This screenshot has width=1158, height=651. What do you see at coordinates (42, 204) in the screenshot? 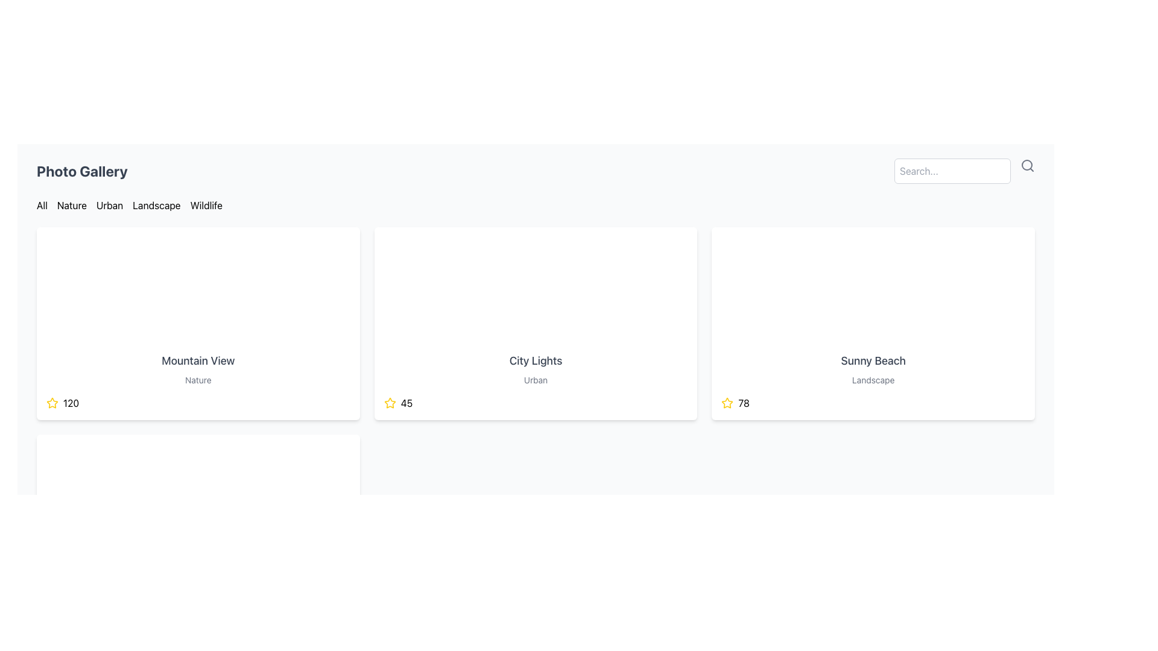
I see `the 'All' button located at the beginning of the navigation bar under the 'Photo Gallery' heading` at bounding box center [42, 204].